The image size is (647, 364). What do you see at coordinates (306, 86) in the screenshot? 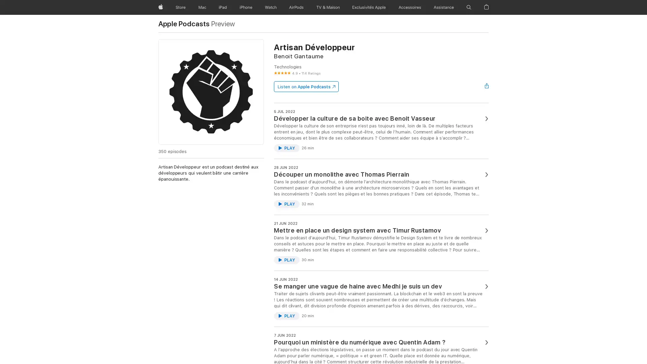
I see `Listen on Apple Podcasts` at bounding box center [306, 86].